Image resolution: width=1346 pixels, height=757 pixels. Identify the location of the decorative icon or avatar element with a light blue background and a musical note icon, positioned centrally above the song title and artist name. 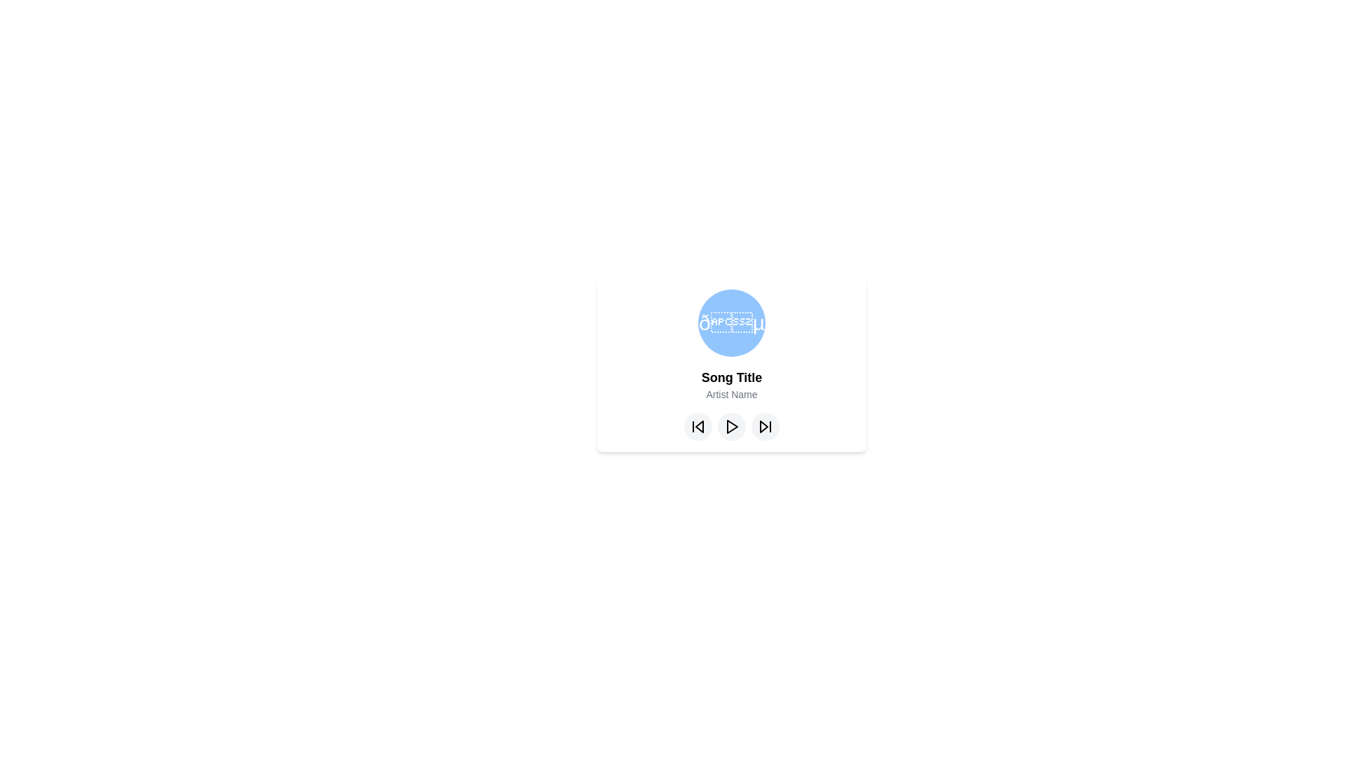
(730, 323).